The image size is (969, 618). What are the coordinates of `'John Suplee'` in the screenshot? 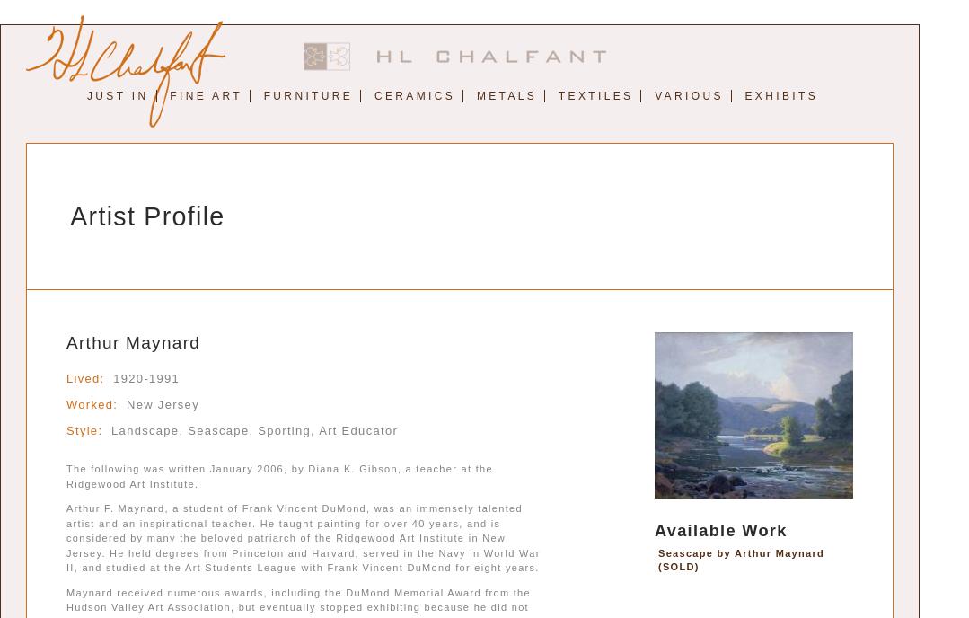 It's located at (795, 163).